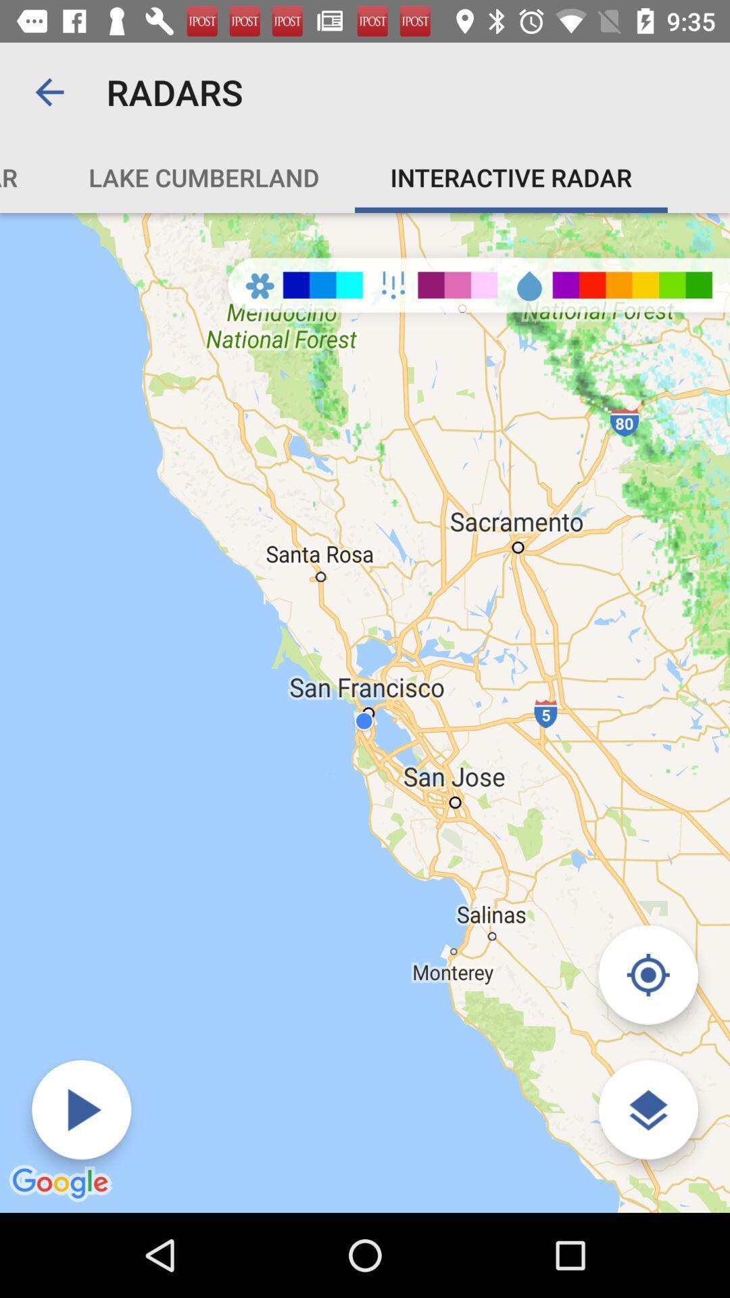 Image resolution: width=730 pixels, height=1298 pixels. I want to click on the play icon, so click(81, 1109).